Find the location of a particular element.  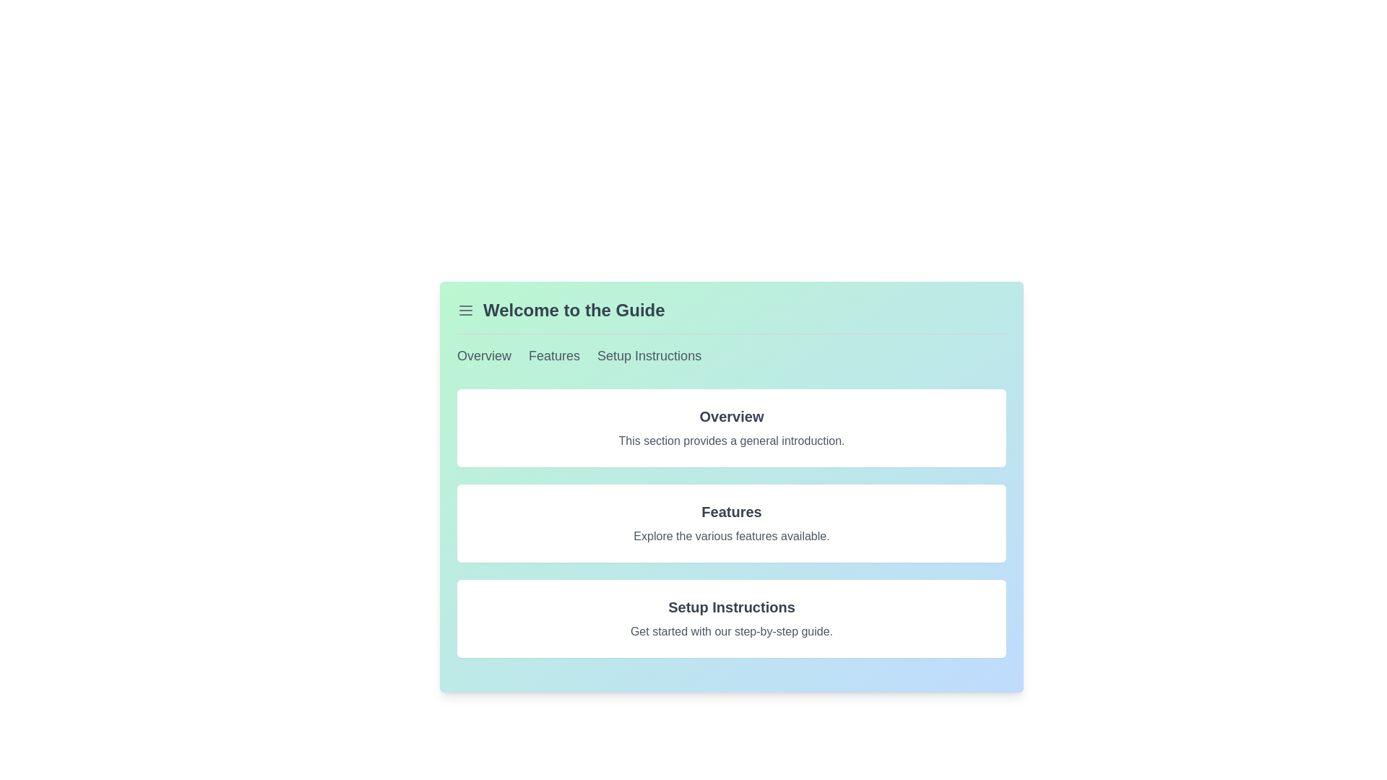

the hyperlink located near the top center of the interface that navigates to the 'Features' section to change the color of the text is located at coordinates (553, 356).